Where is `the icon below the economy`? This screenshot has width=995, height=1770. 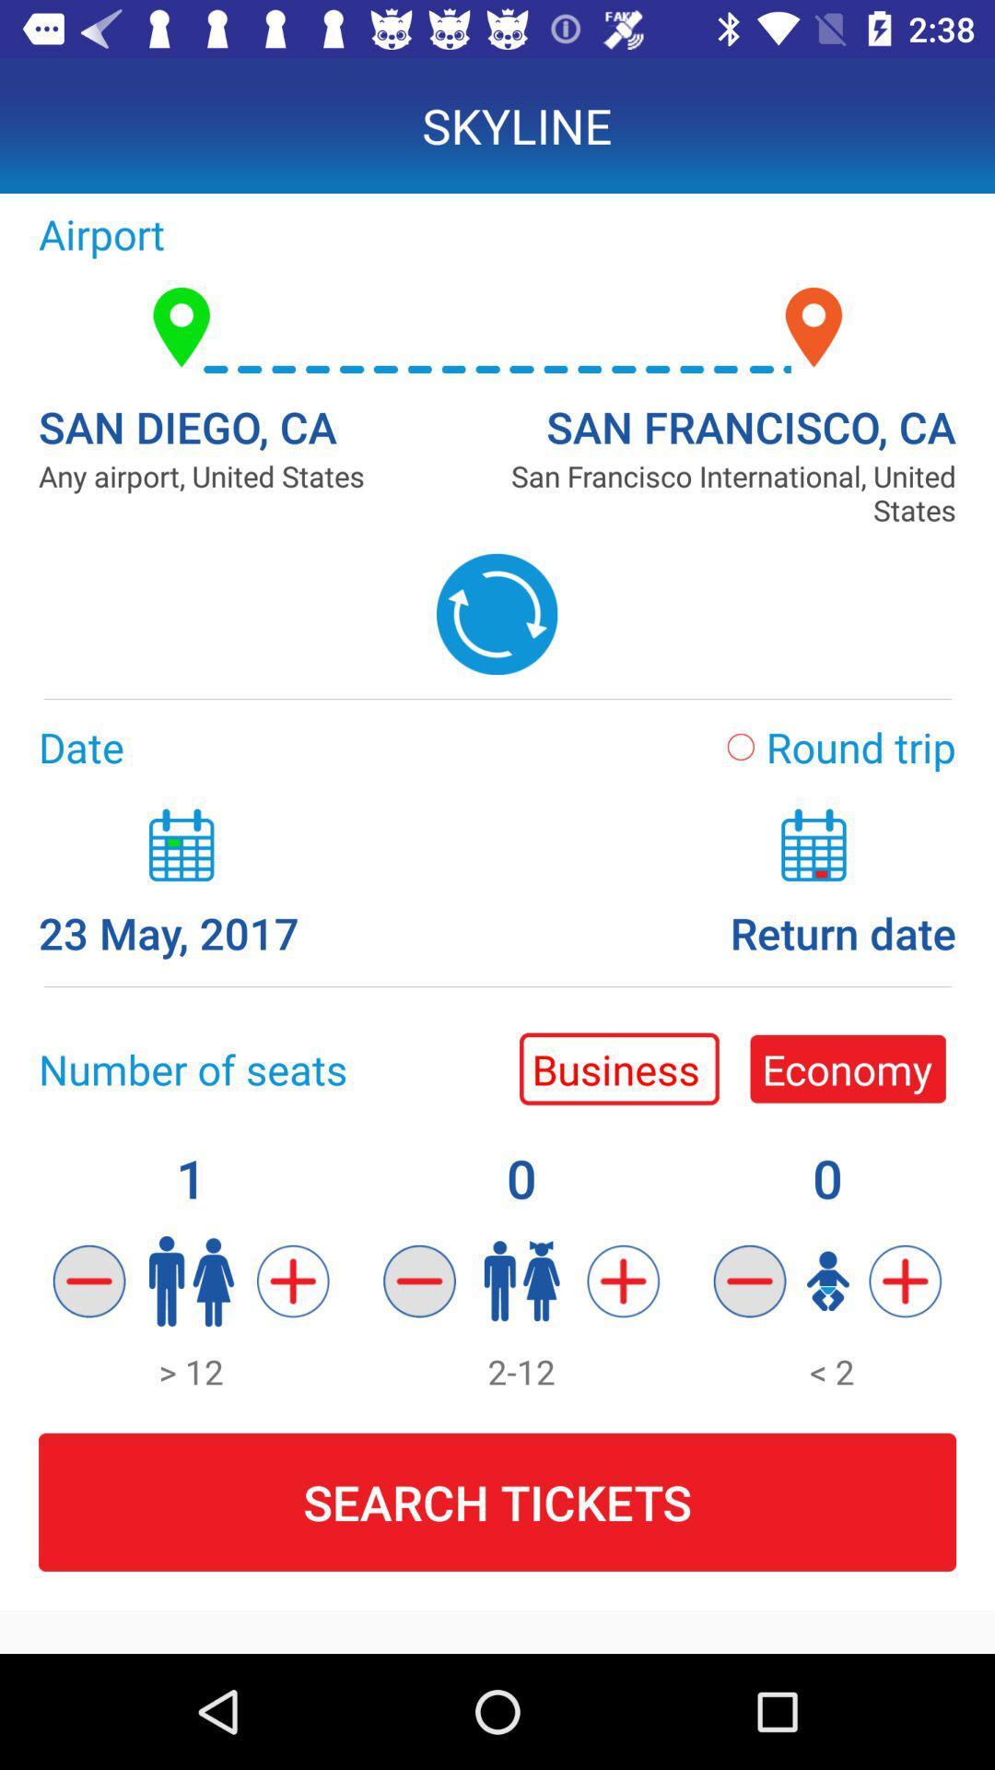
the icon below the economy is located at coordinates (750, 1280).